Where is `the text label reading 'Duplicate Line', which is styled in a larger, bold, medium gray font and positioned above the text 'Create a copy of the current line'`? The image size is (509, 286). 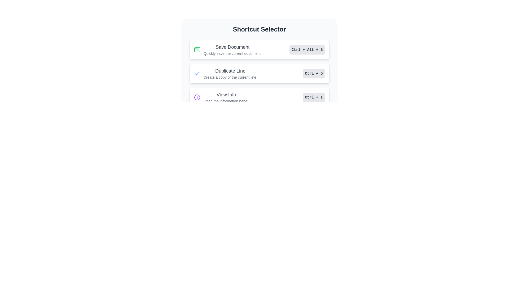
the text label reading 'Duplicate Line', which is styled in a larger, bold, medium gray font and positioned above the text 'Create a copy of the current line' is located at coordinates (230, 70).